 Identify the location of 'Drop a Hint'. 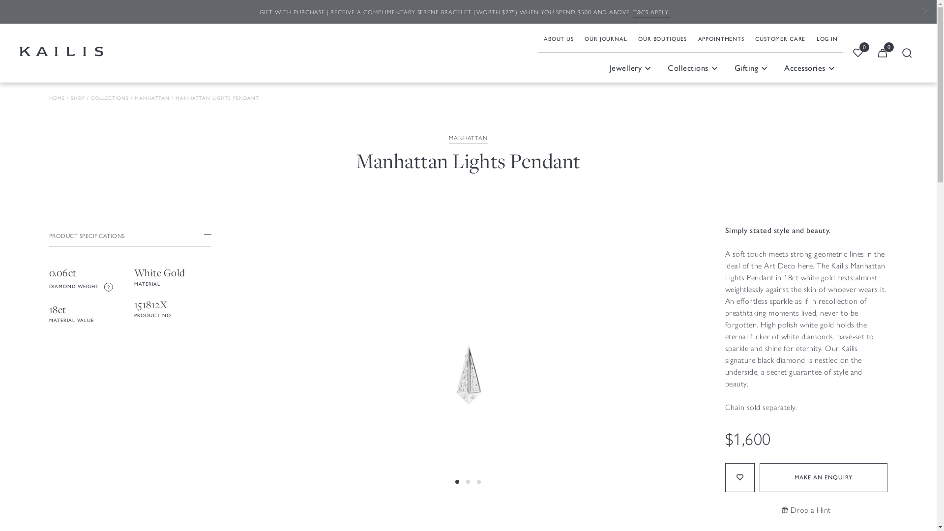
(806, 510).